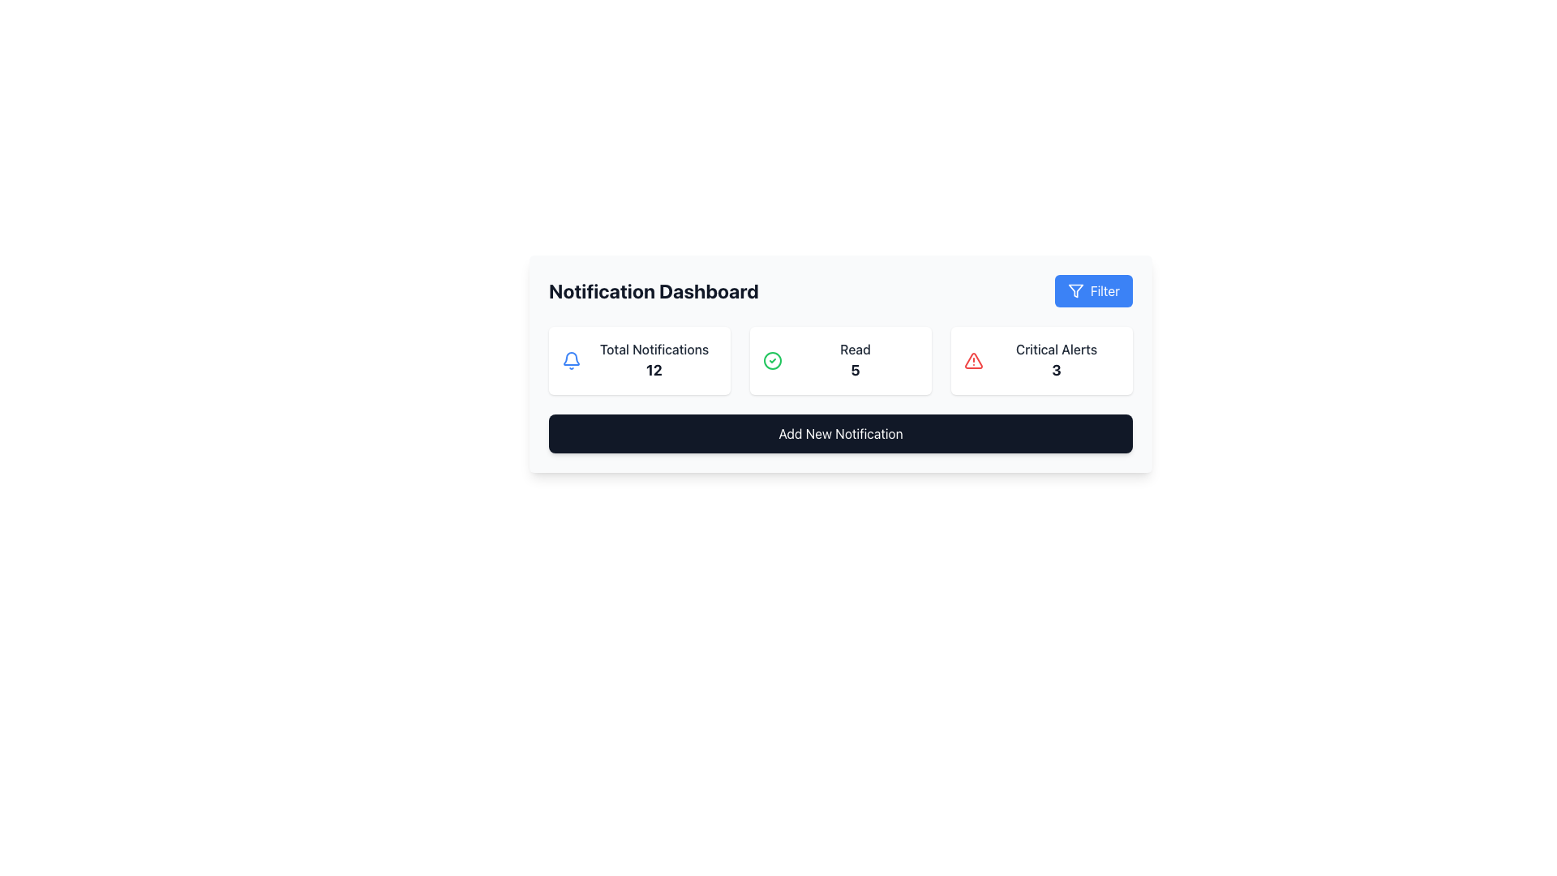  What do you see at coordinates (855, 370) in the screenshot?
I see `the large, bold number '5' displayed in black font color within the card labeled 'Read', located in the middle of the notification summary section` at bounding box center [855, 370].